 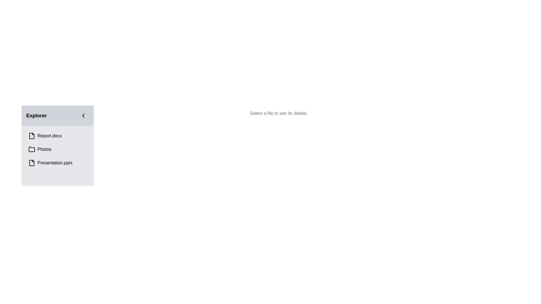 What do you see at coordinates (32, 163) in the screenshot?
I see `the document icon, which is a gray outline of a file with a folded corner, located to the left of the filename 'Presentation.pptx'` at bounding box center [32, 163].